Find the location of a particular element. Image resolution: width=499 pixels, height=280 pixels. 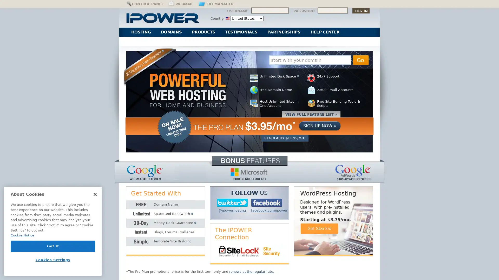

Go is located at coordinates (360, 60).